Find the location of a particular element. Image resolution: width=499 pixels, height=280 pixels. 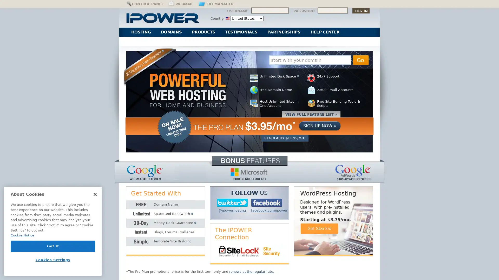

Go is located at coordinates (360, 60).